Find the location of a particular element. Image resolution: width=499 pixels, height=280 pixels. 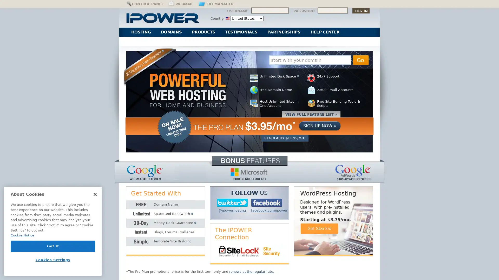

Go is located at coordinates (360, 60).